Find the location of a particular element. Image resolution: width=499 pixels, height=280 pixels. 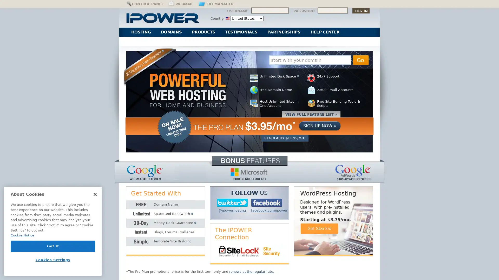

Go is located at coordinates (360, 60).